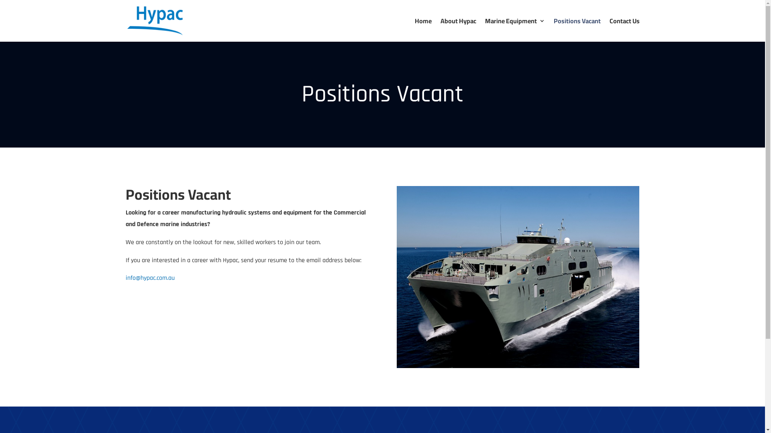 This screenshot has height=433, width=771. Describe the element at coordinates (458, 29) in the screenshot. I see `'About Hypac'` at that location.